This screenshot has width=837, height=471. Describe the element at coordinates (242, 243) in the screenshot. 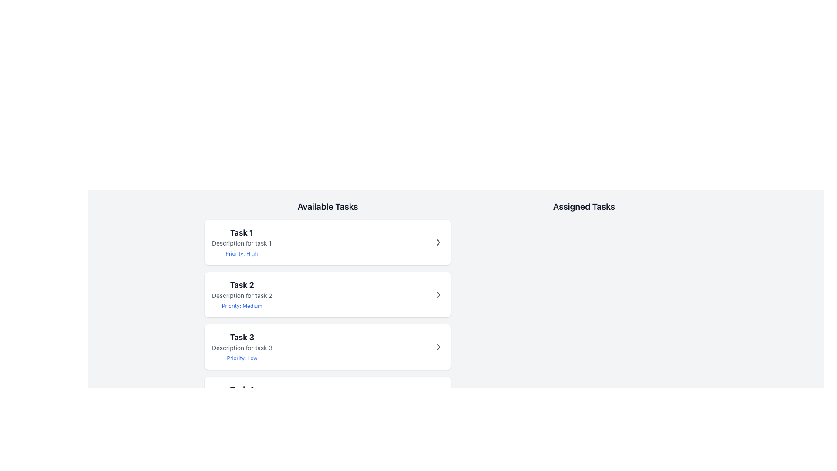

I see `the text element displaying 'Description for task 1', which is located below the 'Task 1' title and above the 'Priority: High' text` at that location.